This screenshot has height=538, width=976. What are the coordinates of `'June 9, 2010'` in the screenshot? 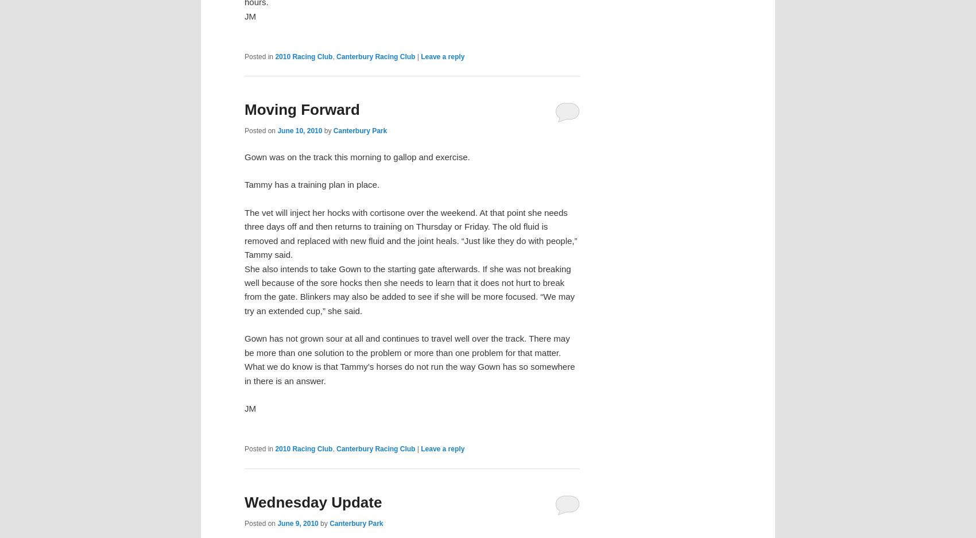 It's located at (277, 523).